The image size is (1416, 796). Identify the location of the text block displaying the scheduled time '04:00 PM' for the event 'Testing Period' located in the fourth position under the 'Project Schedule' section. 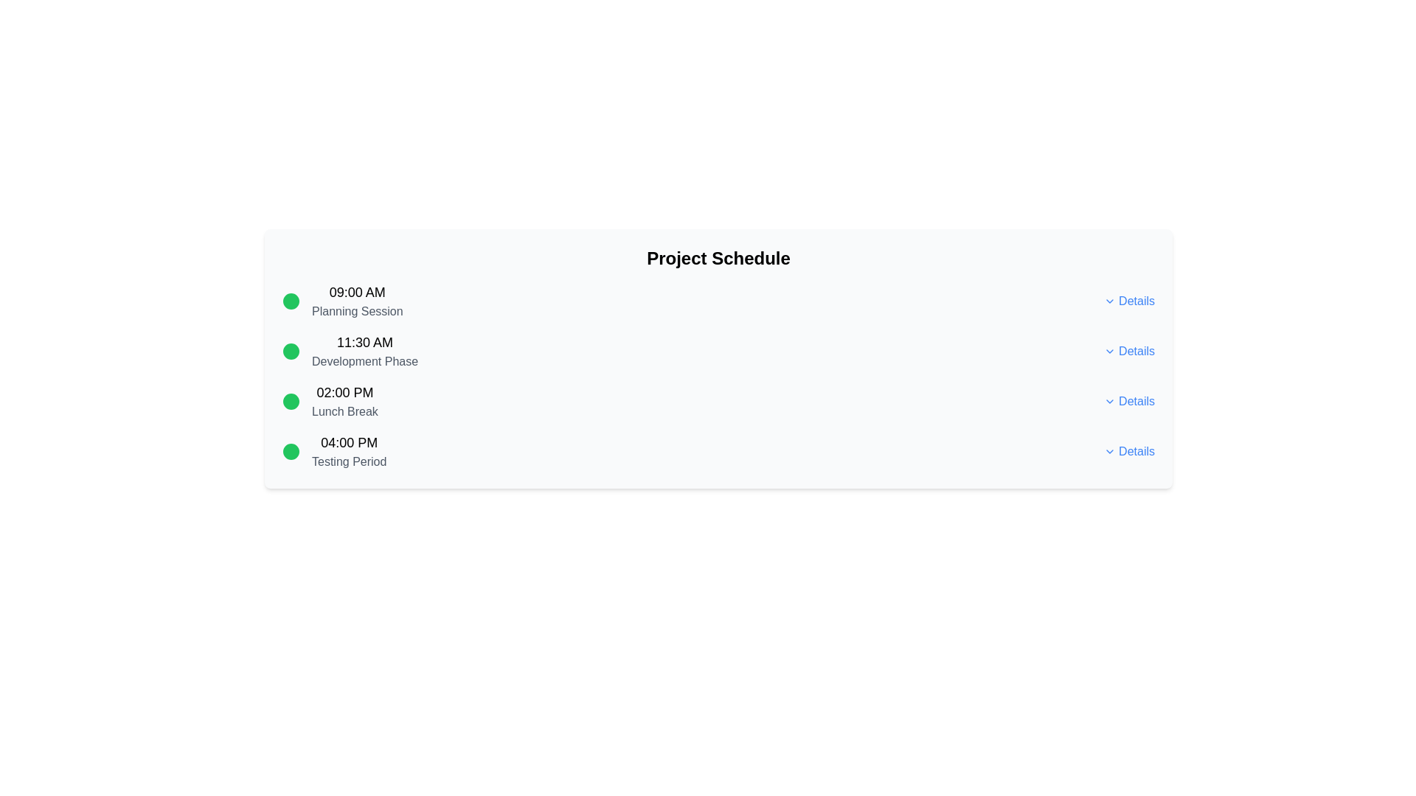
(348, 451).